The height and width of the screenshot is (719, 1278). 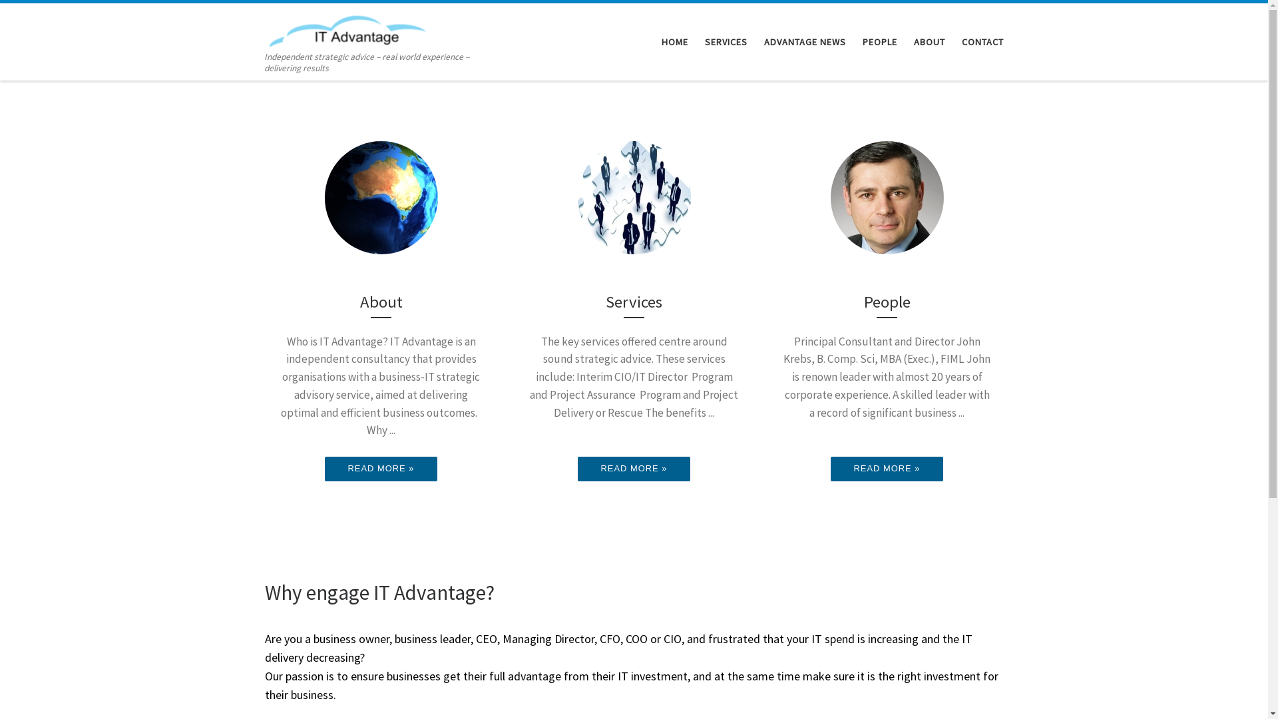 What do you see at coordinates (929, 41) in the screenshot?
I see `'ABOUT'` at bounding box center [929, 41].